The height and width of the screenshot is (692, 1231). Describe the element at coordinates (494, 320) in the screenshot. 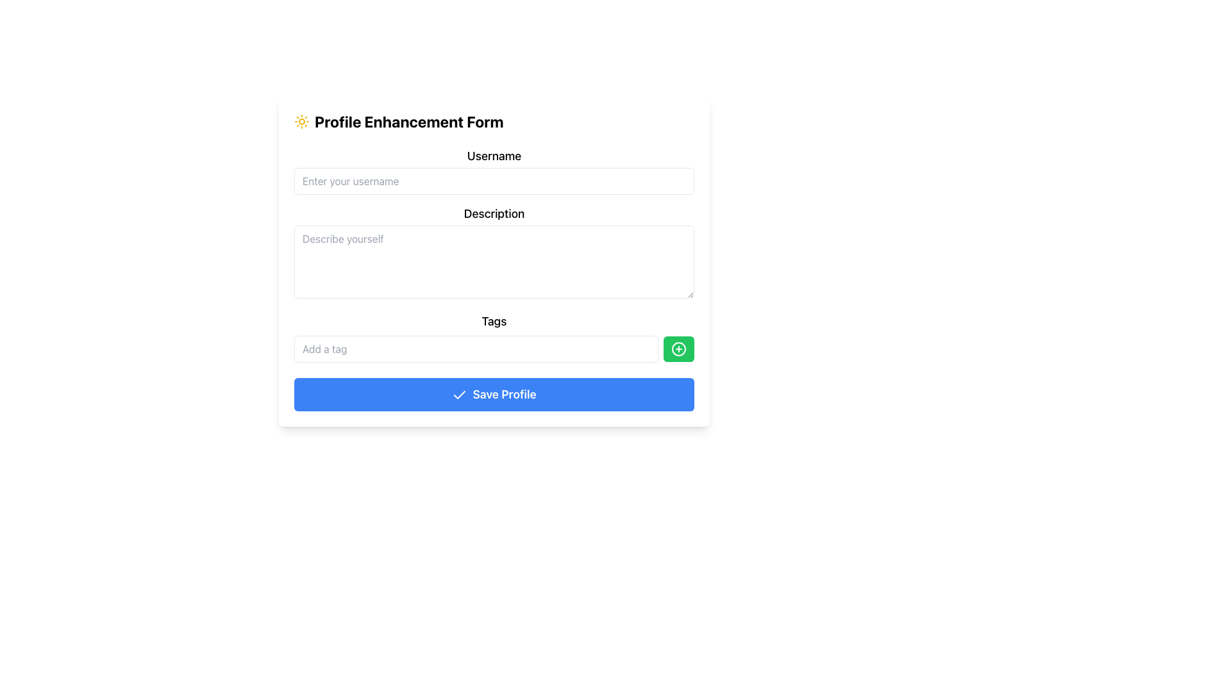

I see `the text label indicating the purpose of the adjacent input field for adding tags, located above the 'Add a tag' text input field` at that location.